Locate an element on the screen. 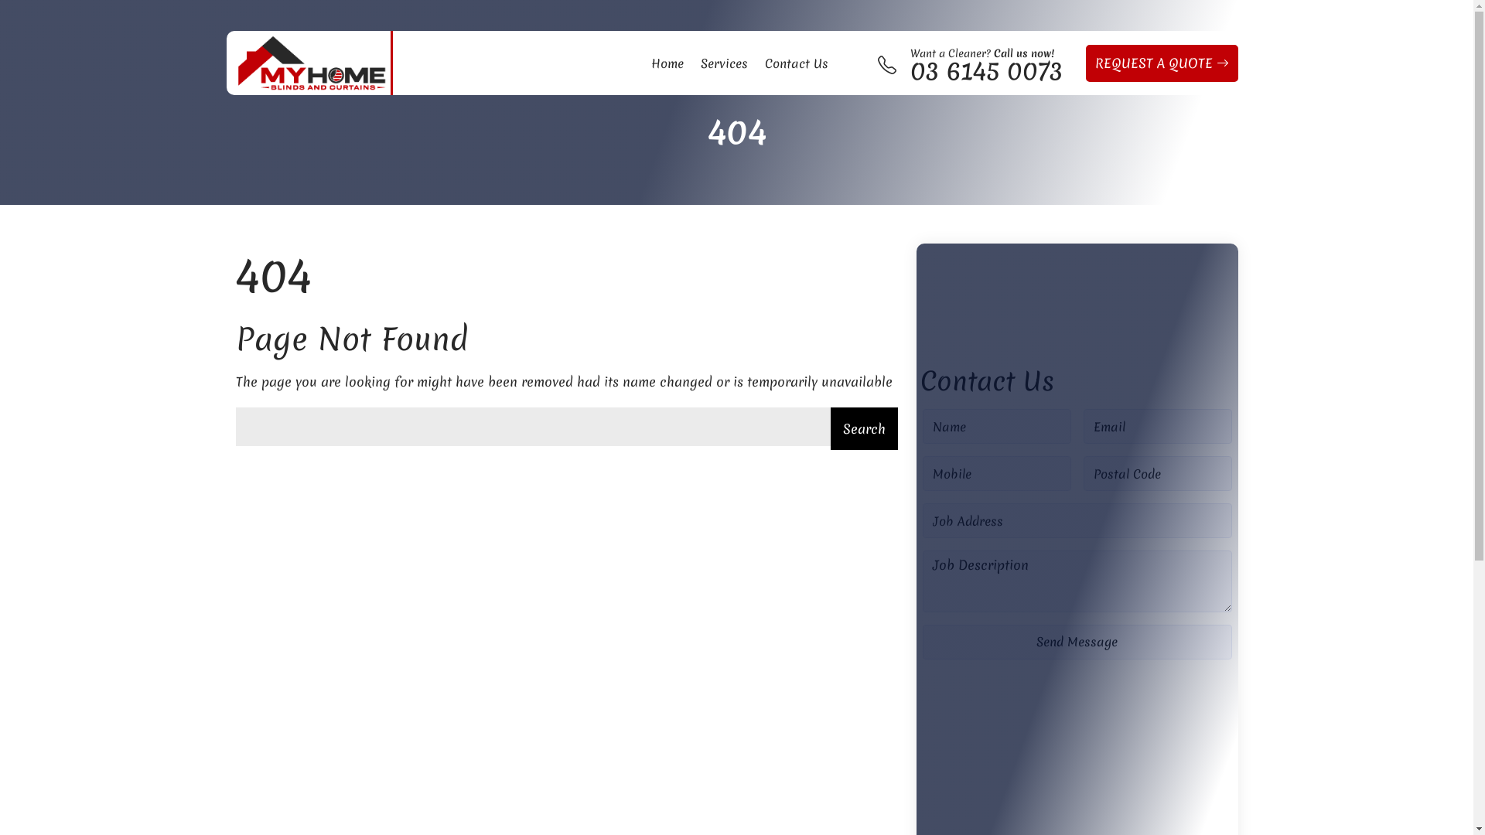 The height and width of the screenshot is (835, 1485). 'Services' is located at coordinates (692, 62).